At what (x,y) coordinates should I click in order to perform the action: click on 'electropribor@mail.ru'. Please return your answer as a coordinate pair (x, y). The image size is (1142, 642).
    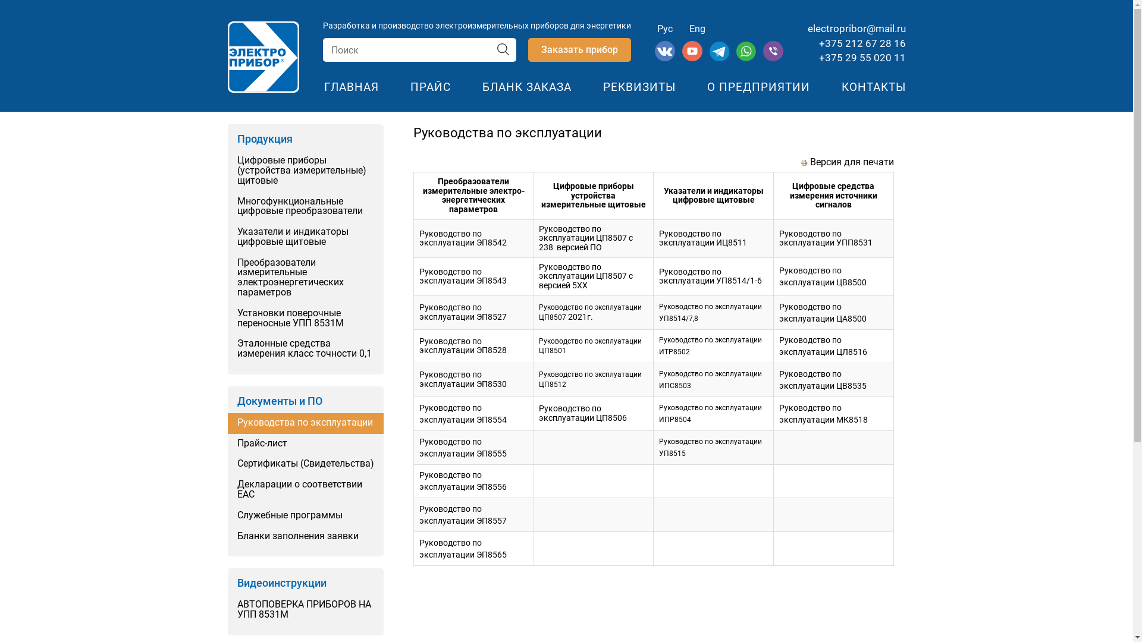
    Looking at the image, I should click on (857, 27).